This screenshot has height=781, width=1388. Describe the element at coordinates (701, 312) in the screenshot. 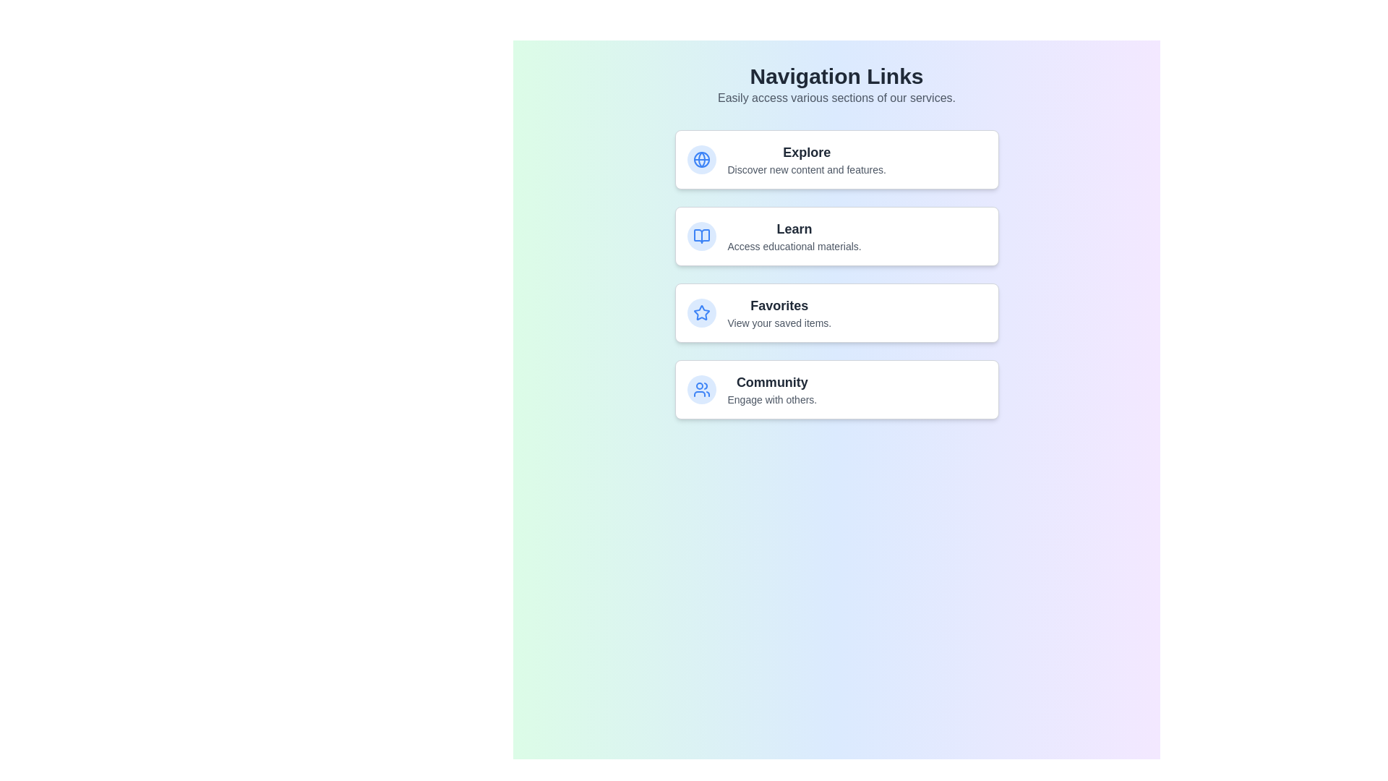

I see `the 'Favorites' icon located within the third navigation card, positioned to the left of the card's title text` at that location.